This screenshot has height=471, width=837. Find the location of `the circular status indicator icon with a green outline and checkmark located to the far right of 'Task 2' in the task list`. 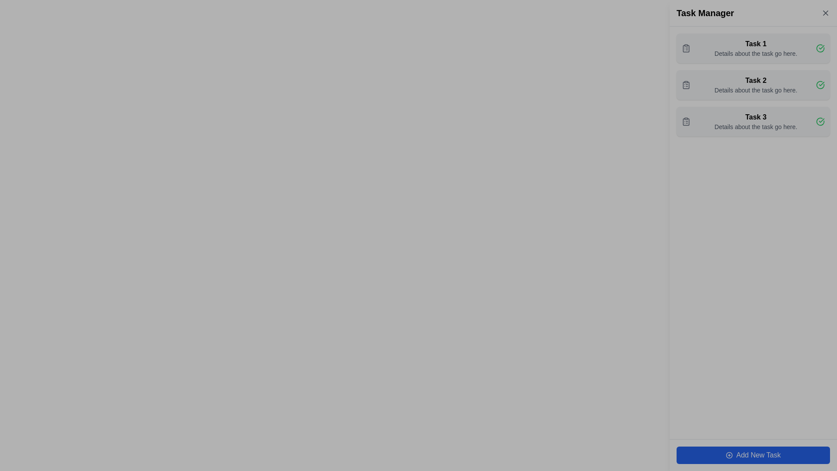

the circular status indicator icon with a green outline and checkmark located to the far right of 'Task 2' in the task list is located at coordinates (820, 48).